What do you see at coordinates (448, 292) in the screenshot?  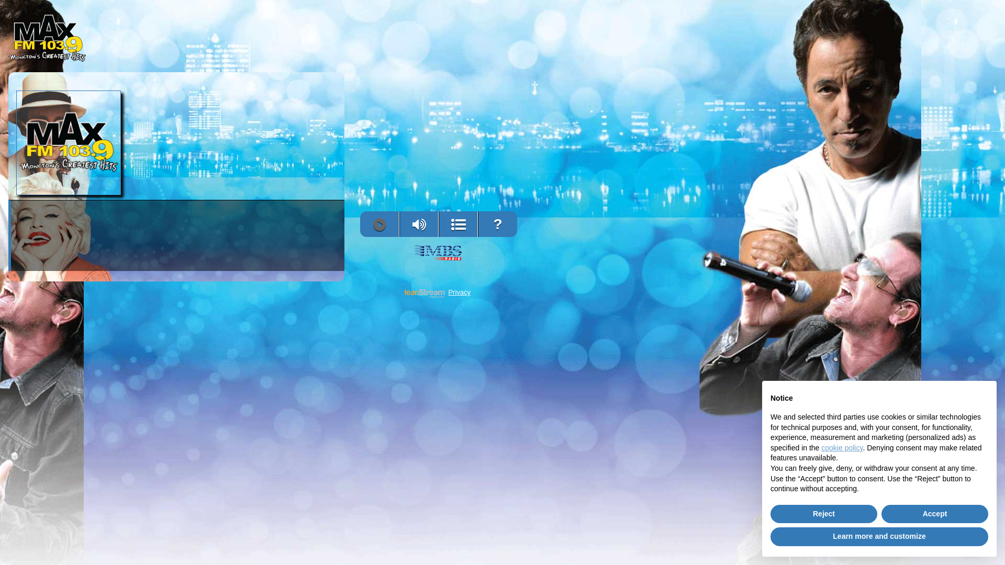 I see `'Privacy'` at bounding box center [448, 292].